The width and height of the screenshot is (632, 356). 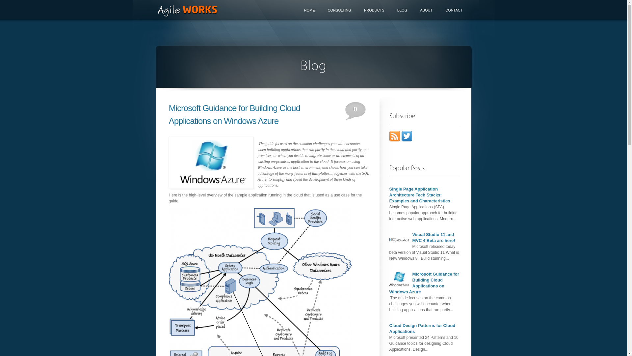 I want to click on 'ABOUT', so click(x=414, y=10).